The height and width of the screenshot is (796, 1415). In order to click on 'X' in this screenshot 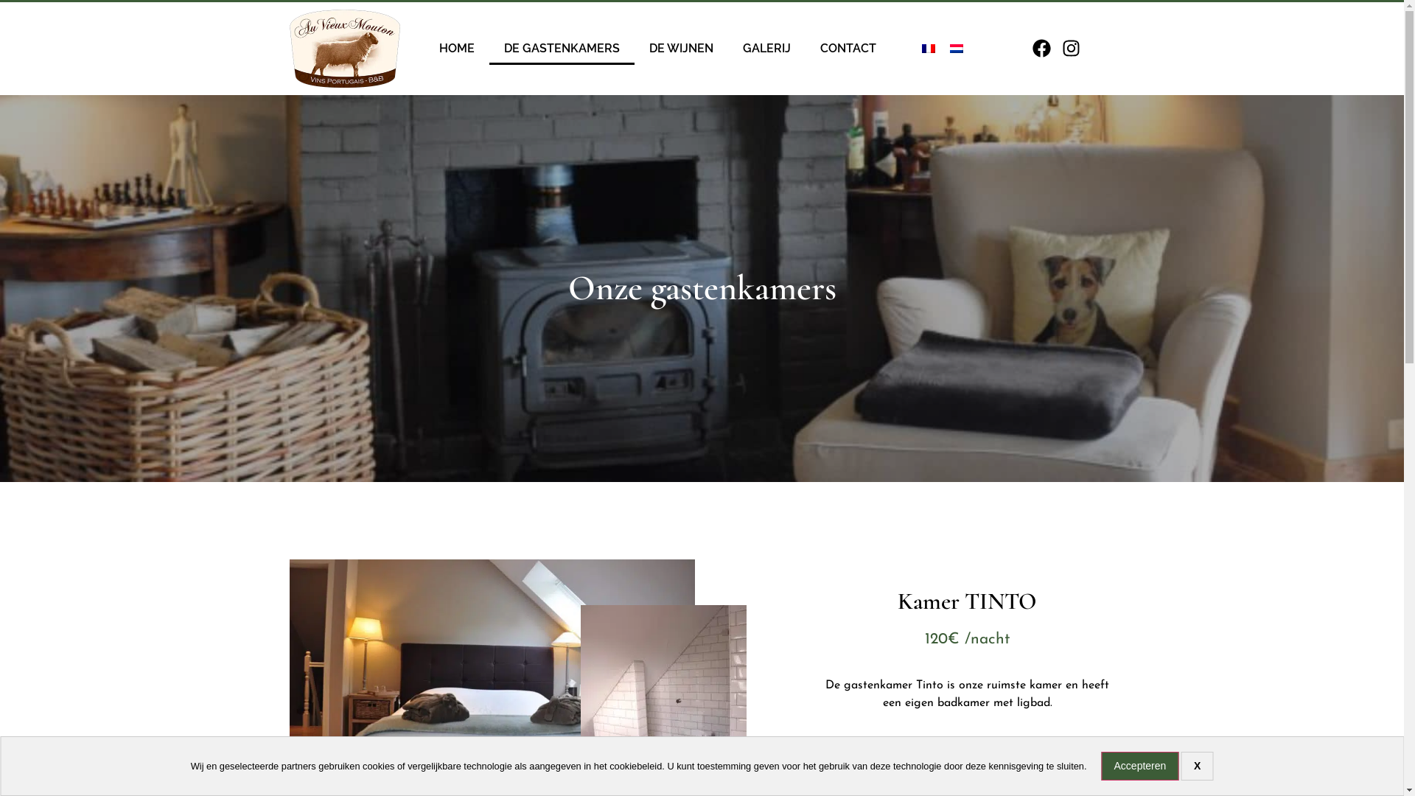, I will do `click(1181, 765)`.